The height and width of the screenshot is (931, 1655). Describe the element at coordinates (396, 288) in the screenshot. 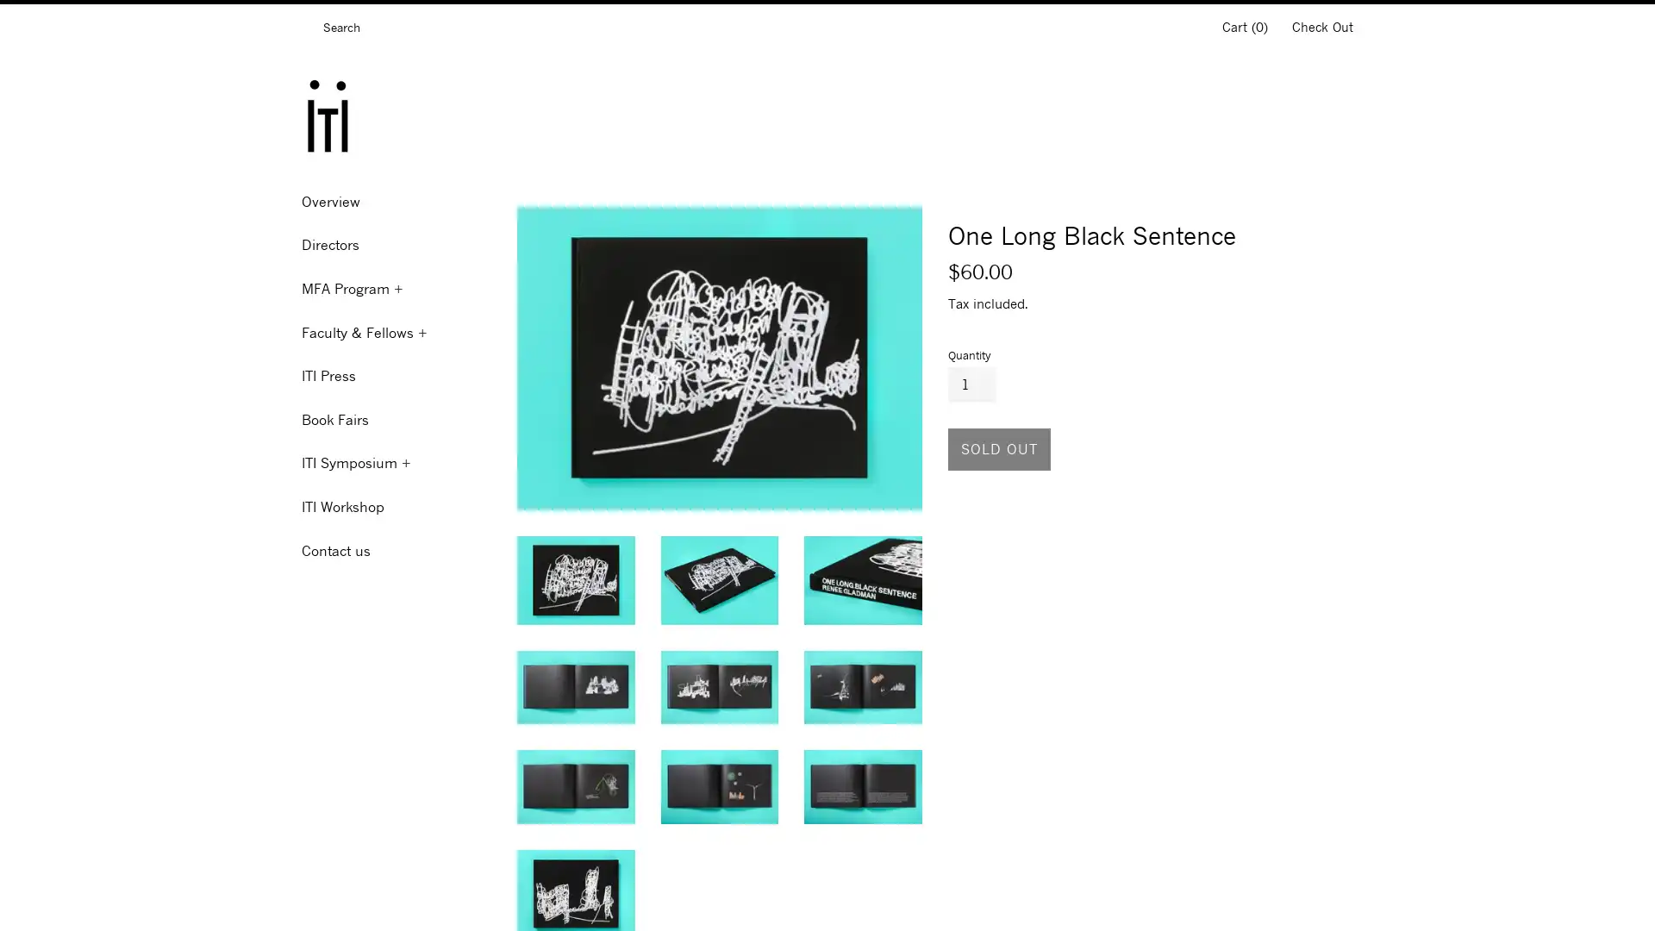

I see `MFA Program` at that location.